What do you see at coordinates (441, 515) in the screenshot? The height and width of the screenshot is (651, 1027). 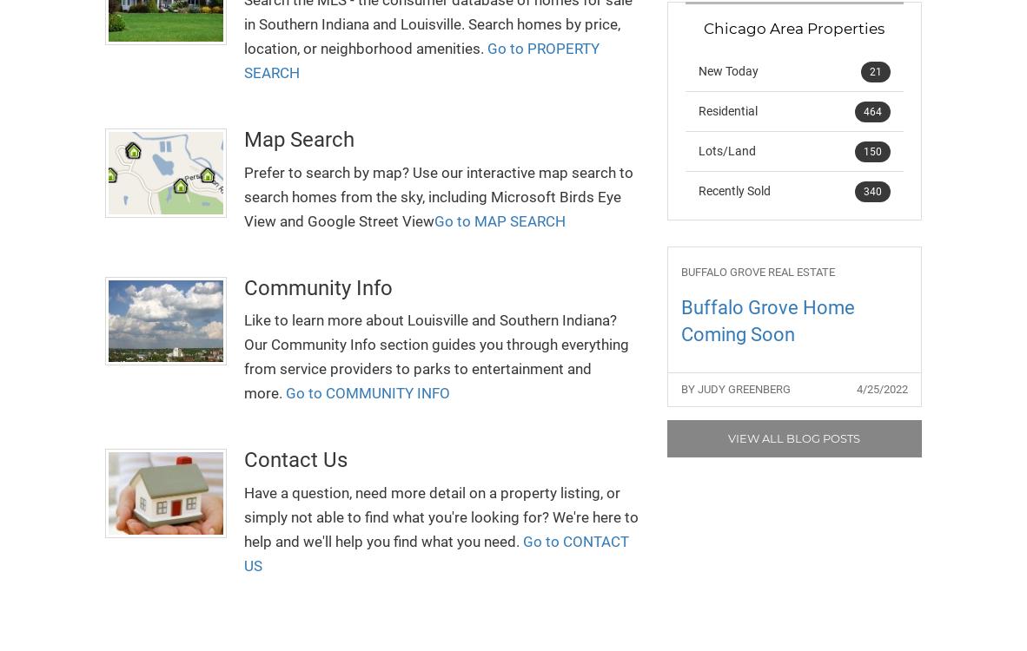 I see `'Have a question, need more detail on a property listing, or simply not able to find what you're looking for? We're here to help and we'll help you find what you need.'` at bounding box center [441, 515].